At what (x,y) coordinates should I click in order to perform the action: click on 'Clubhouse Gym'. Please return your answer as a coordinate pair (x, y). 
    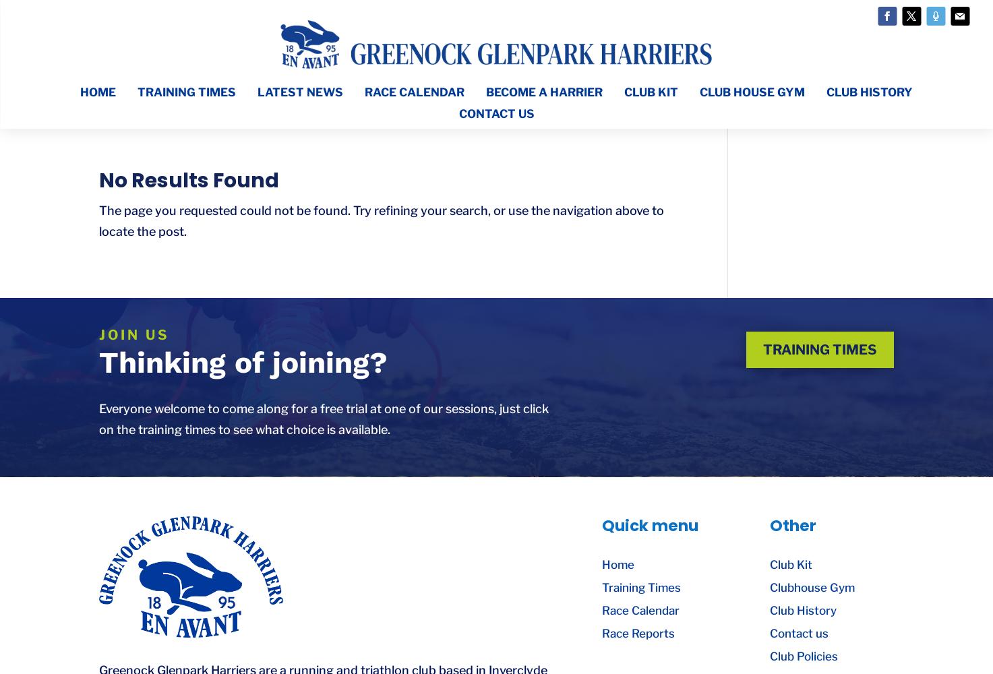
    Looking at the image, I should click on (811, 587).